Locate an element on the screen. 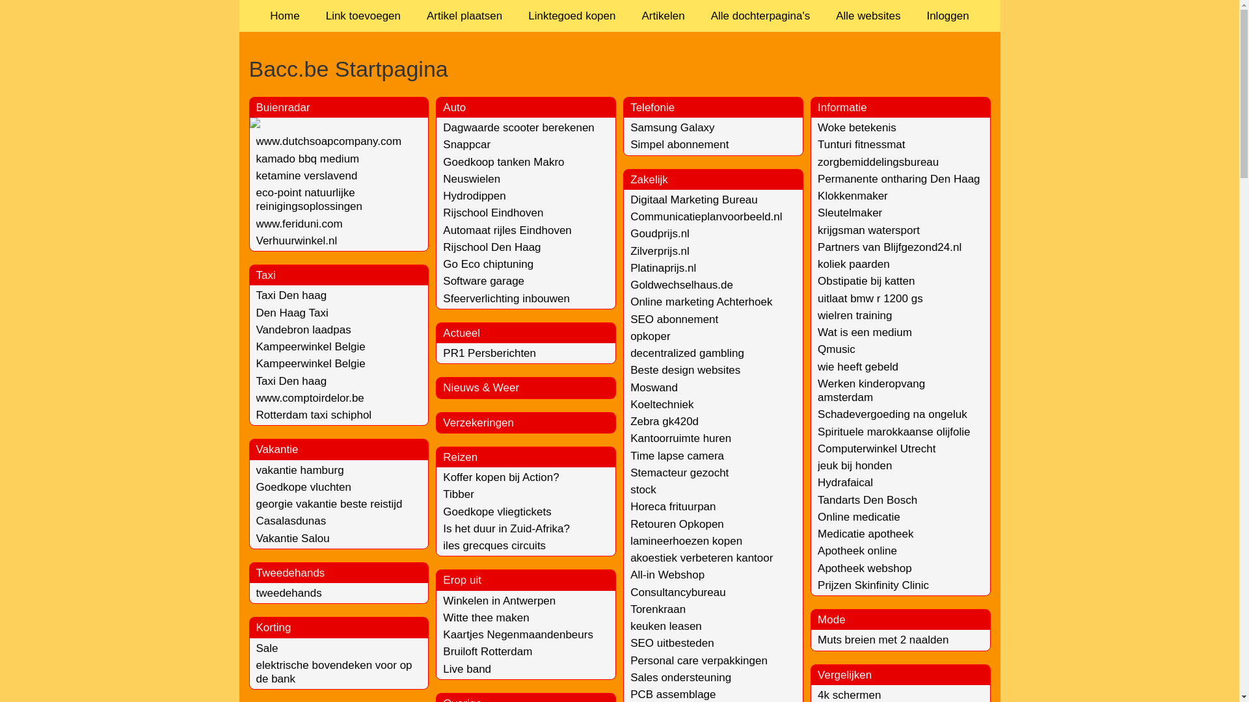 The height and width of the screenshot is (702, 1249). 'Permanente ontharing Den Haag' is located at coordinates (898, 179).